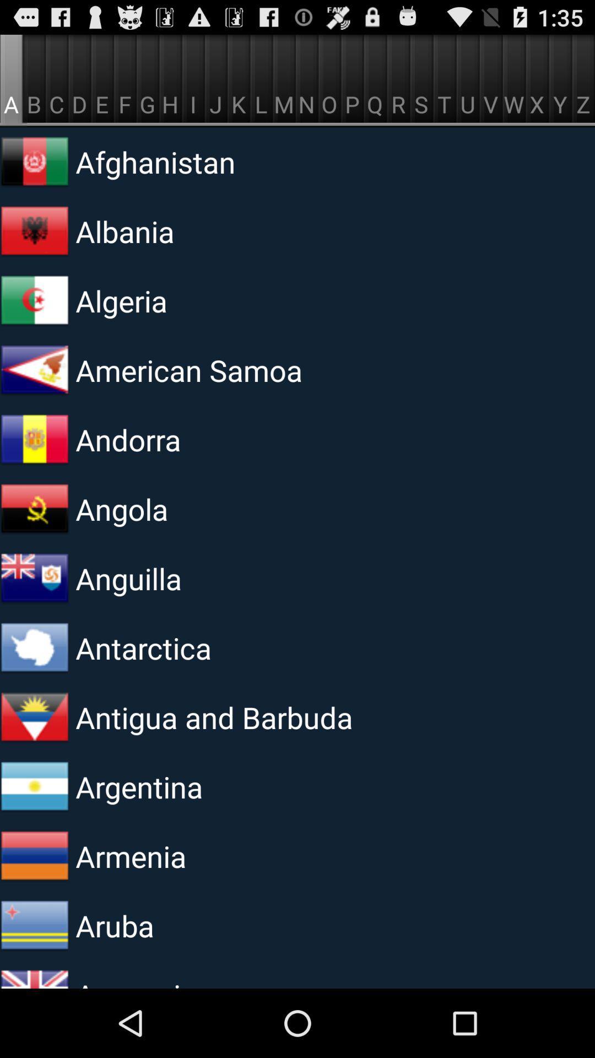  I want to click on antarctica app, so click(211, 647).